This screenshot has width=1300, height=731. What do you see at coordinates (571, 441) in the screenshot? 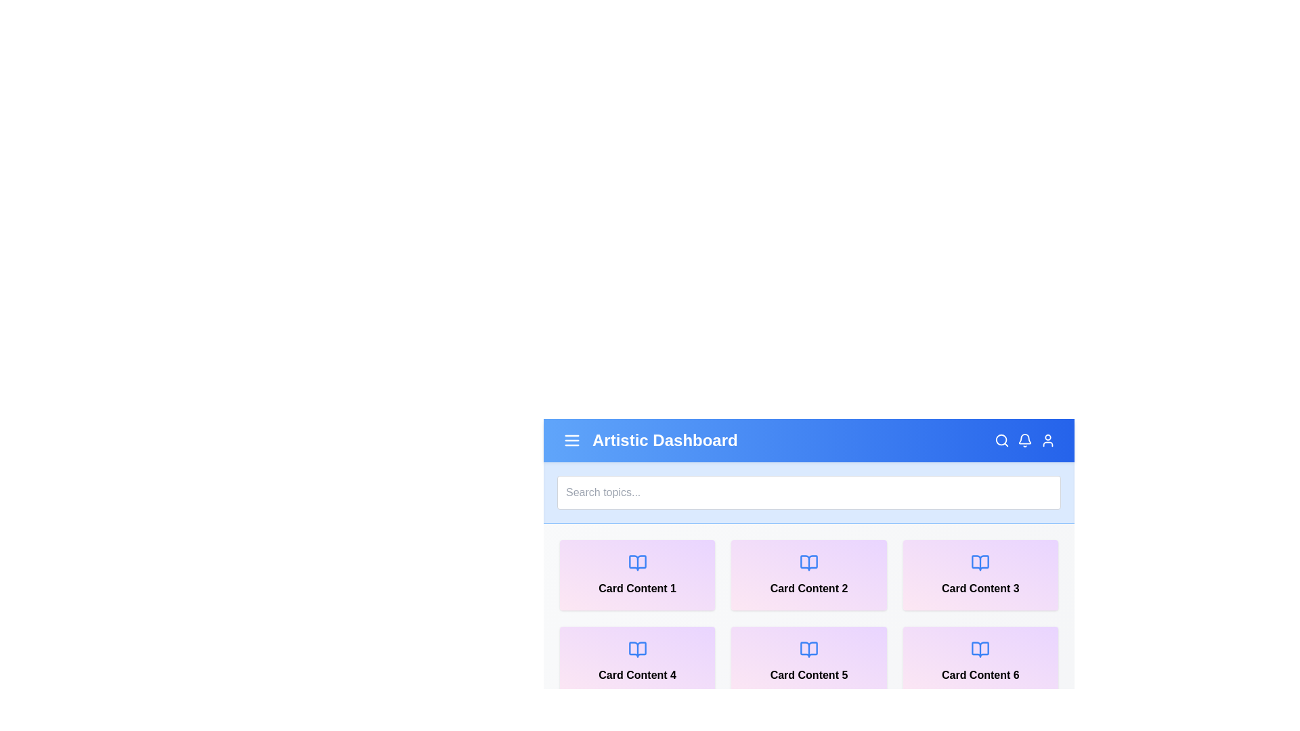
I see `menu icon to toggle the menu visibility` at bounding box center [571, 441].